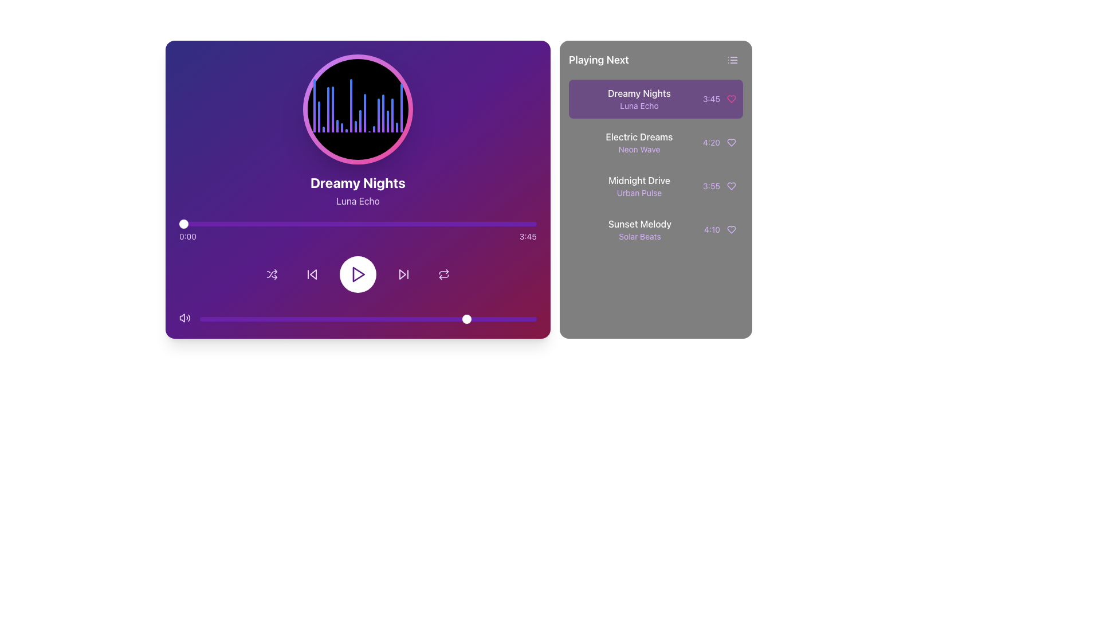 The height and width of the screenshot is (619, 1100). I want to click on the playback position, so click(352, 224).